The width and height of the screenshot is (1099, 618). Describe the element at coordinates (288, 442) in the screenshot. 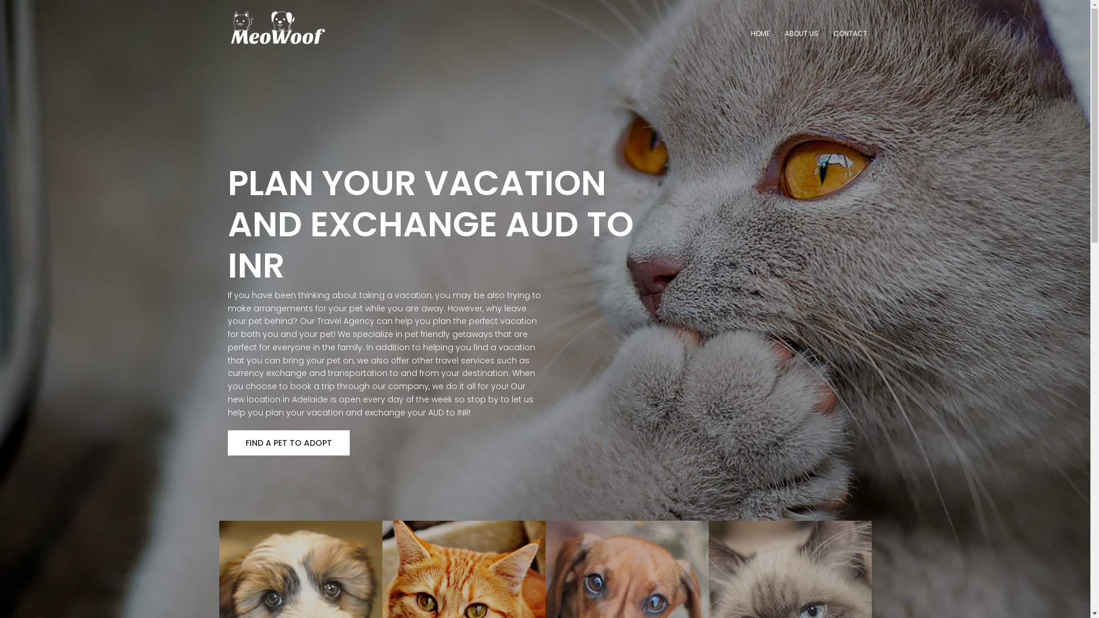

I see `'FIND A PET TO ADOPT'` at that location.